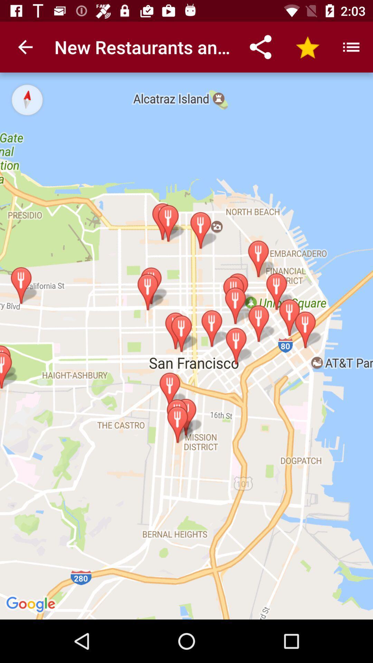  I want to click on the icon to the left of the new restaurants and icon, so click(25, 47).